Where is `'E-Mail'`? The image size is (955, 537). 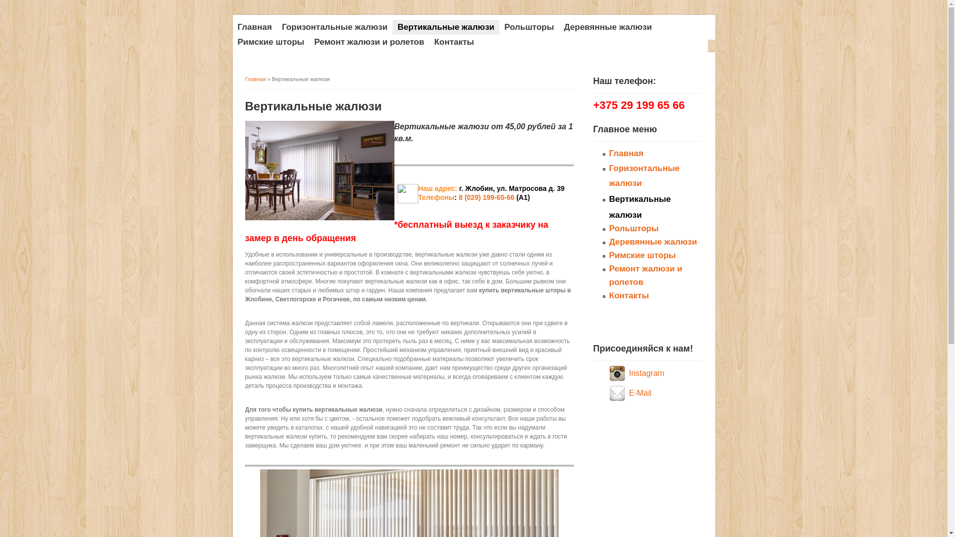
'E-Mail' is located at coordinates (640, 392).